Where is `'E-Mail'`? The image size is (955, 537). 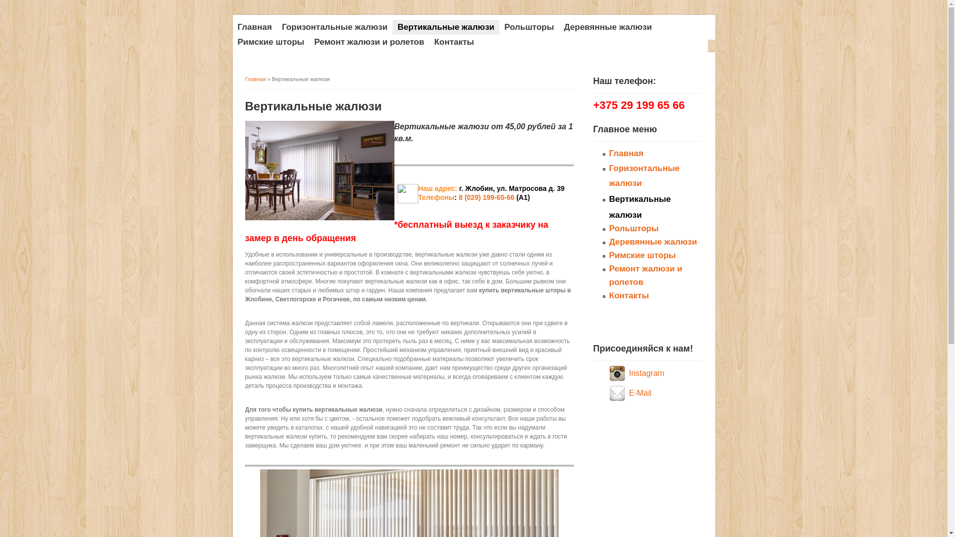
'E-Mail' is located at coordinates (640, 392).